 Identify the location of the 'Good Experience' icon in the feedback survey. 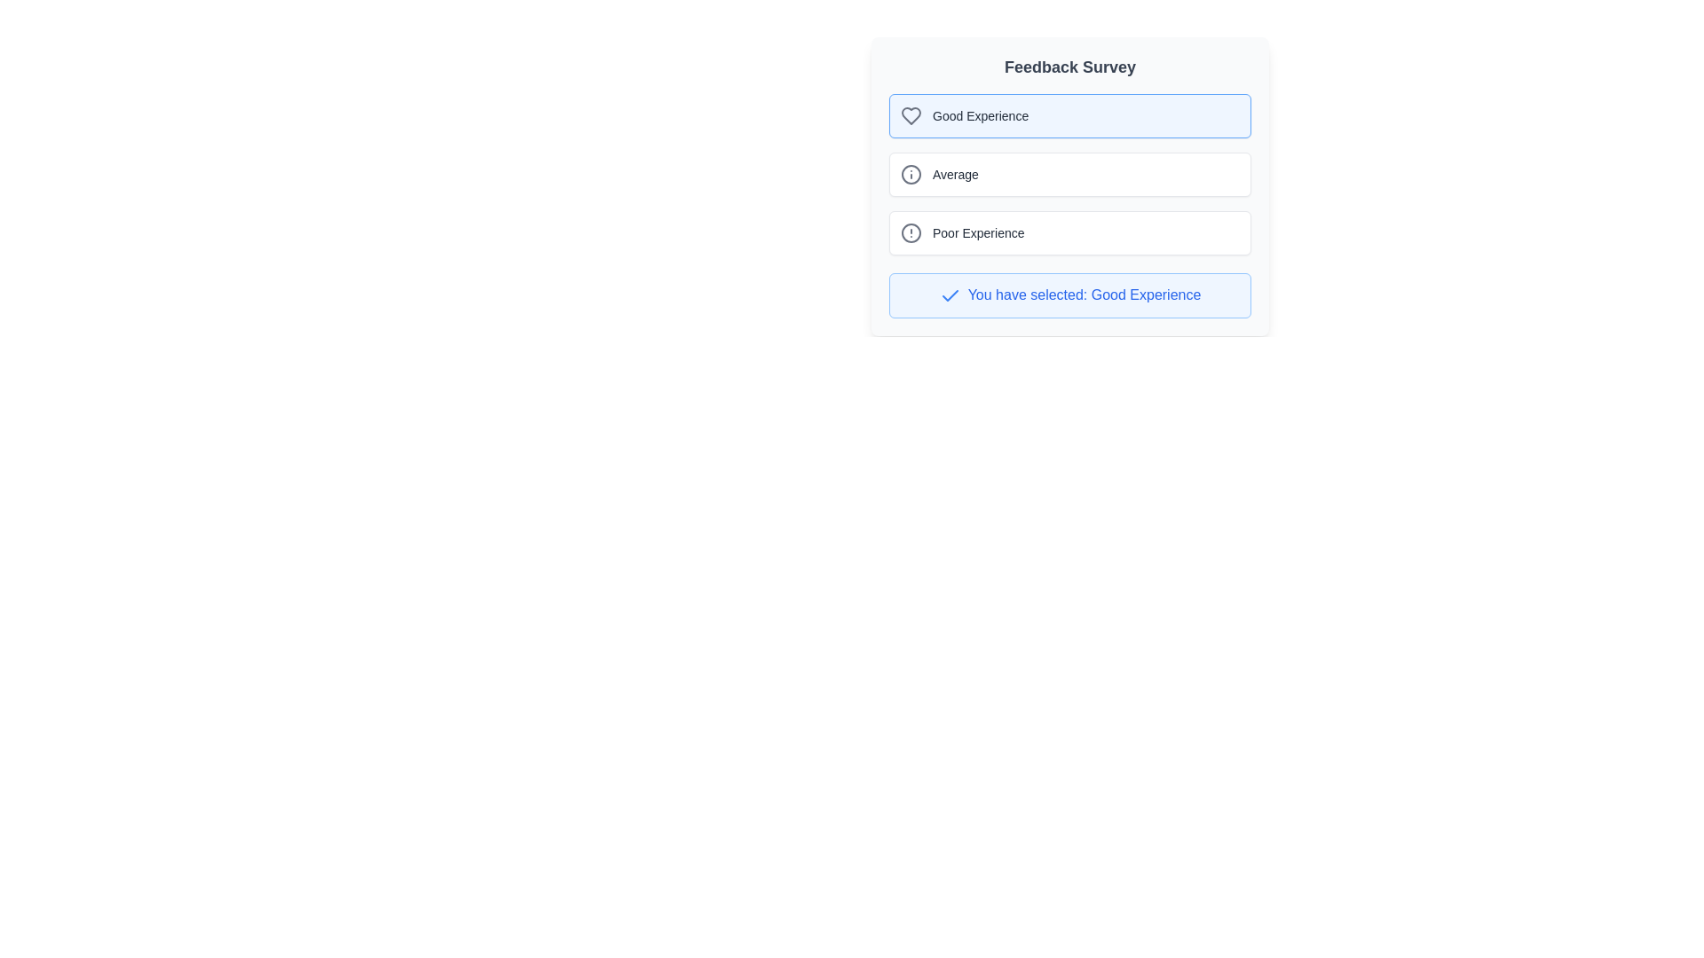
(911, 116).